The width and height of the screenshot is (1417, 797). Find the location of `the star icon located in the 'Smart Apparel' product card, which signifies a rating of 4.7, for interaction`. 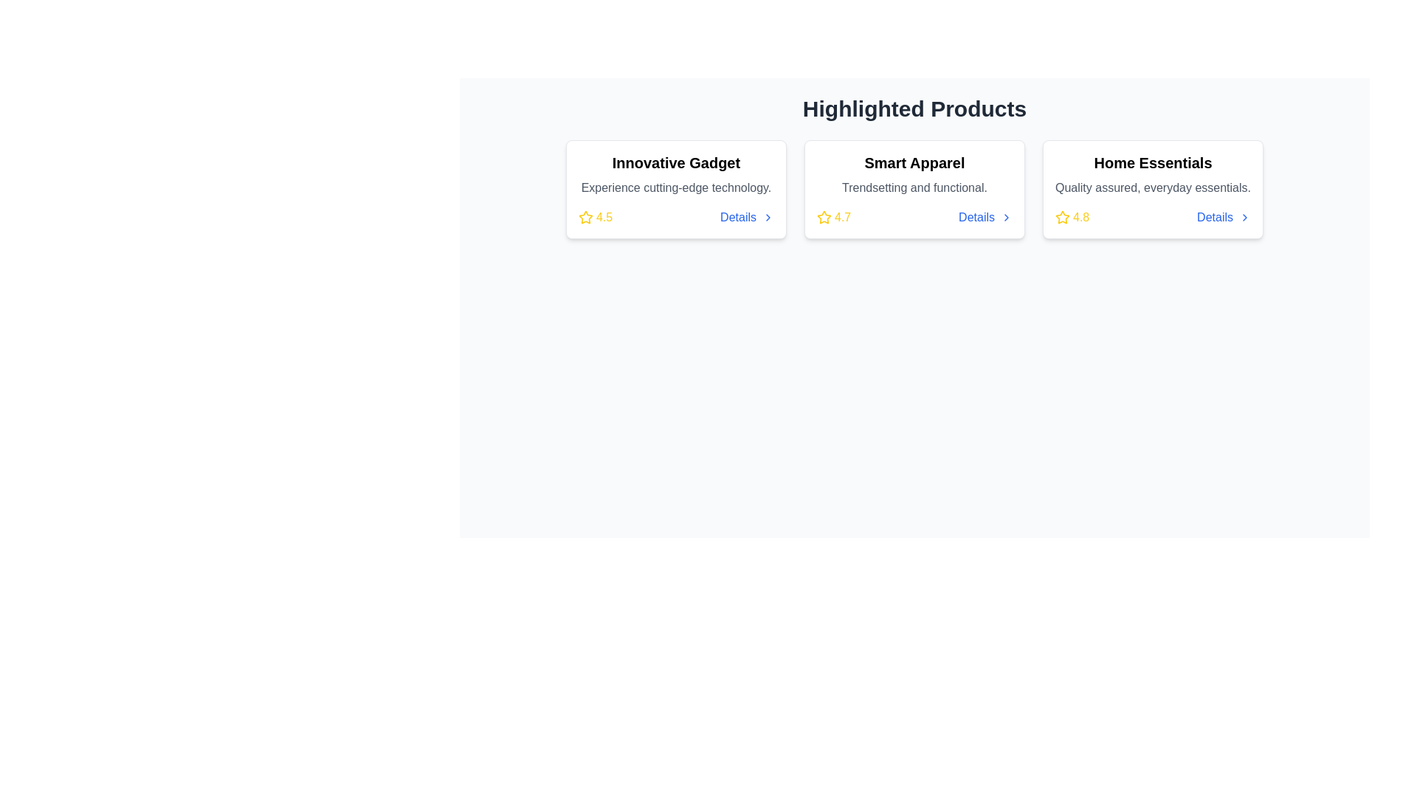

the star icon located in the 'Smart Apparel' product card, which signifies a rating of 4.7, for interaction is located at coordinates (823, 216).